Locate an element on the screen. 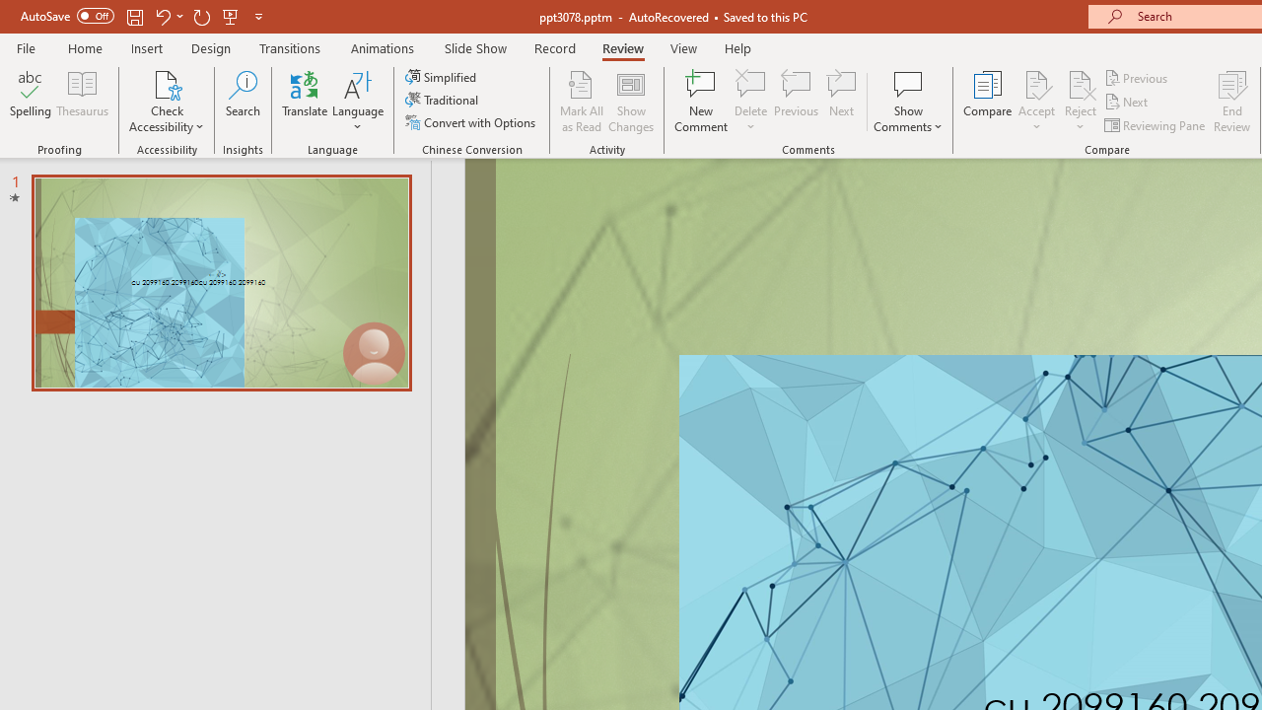 The width and height of the screenshot is (1262, 710). 'New Comment' is located at coordinates (701, 102).